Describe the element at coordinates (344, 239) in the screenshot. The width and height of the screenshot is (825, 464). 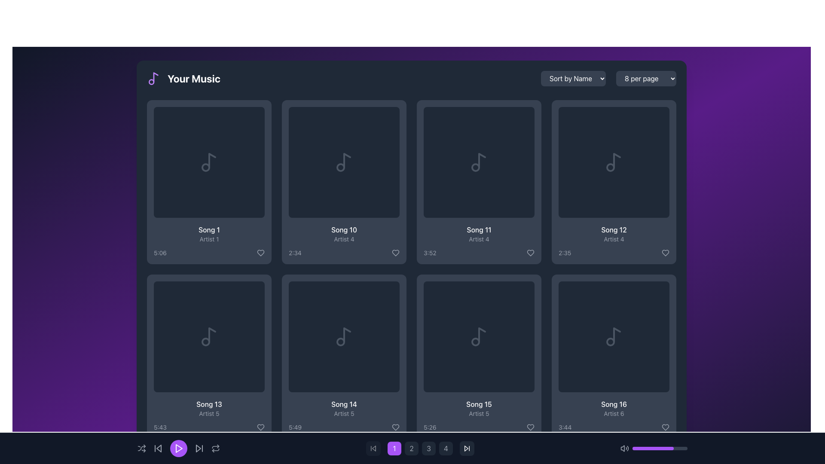
I see `the static text label displaying 'Artist 4' located under the title 'Song 10' and above the duration '2:34' in the second card of the first row` at that location.